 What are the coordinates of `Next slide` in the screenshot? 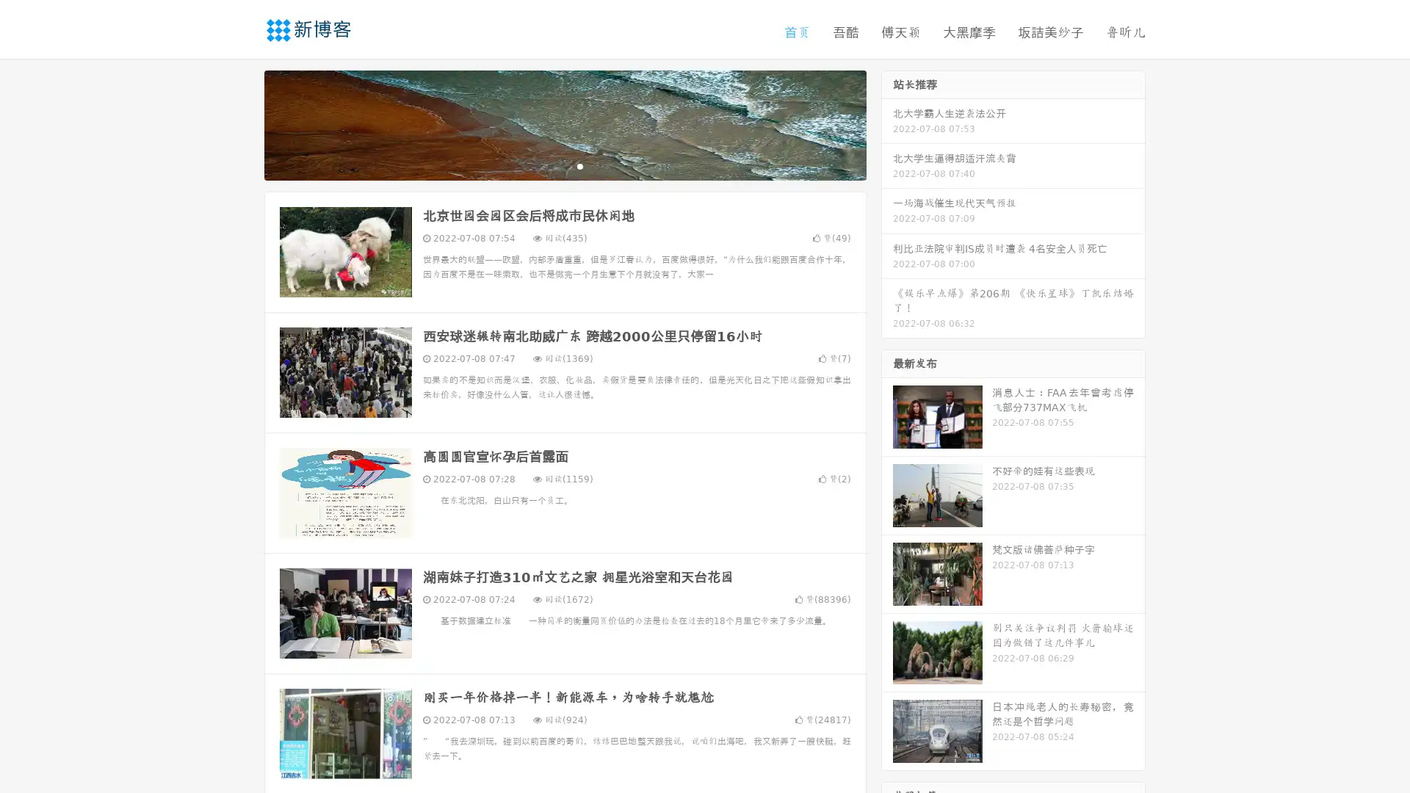 It's located at (887, 123).